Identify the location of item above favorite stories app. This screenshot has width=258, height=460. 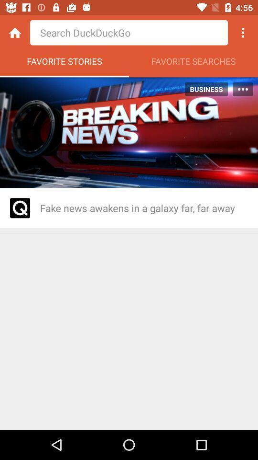
(129, 33).